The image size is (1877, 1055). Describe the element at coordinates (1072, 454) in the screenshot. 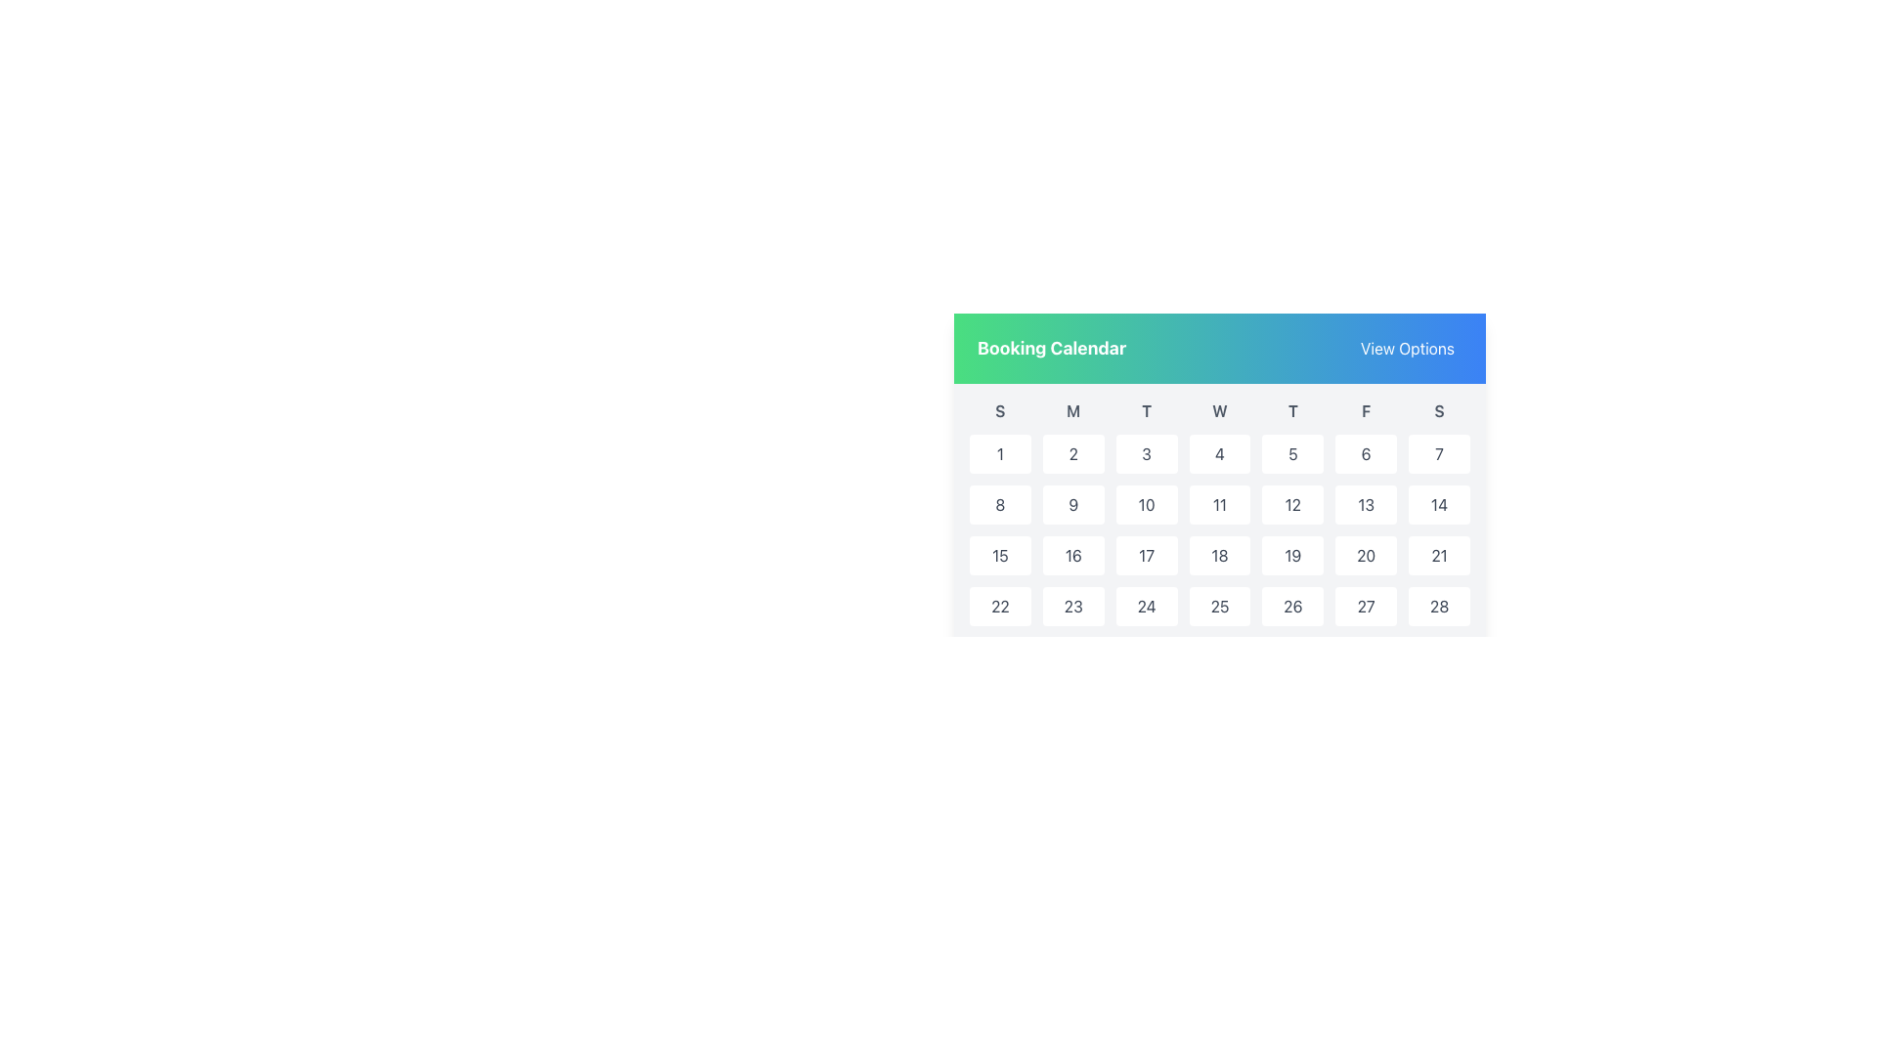

I see `the text label indicating the 2nd day of the month in the calendar view, located in the second column (Monday) of the first row` at that location.